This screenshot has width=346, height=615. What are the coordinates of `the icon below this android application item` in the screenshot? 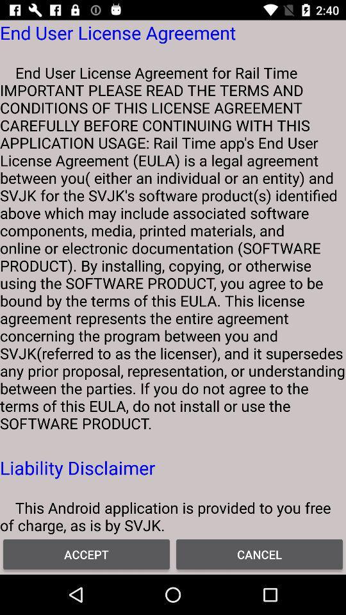 It's located at (86, 553).